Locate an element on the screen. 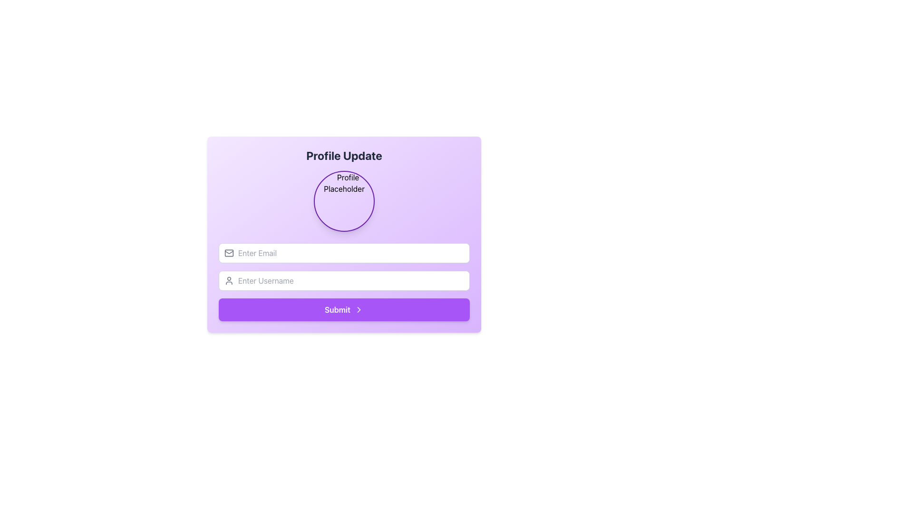  the envelope icon located to the far left of the email input field, which is associated with entering an email address is located at coordinates (229, 251).